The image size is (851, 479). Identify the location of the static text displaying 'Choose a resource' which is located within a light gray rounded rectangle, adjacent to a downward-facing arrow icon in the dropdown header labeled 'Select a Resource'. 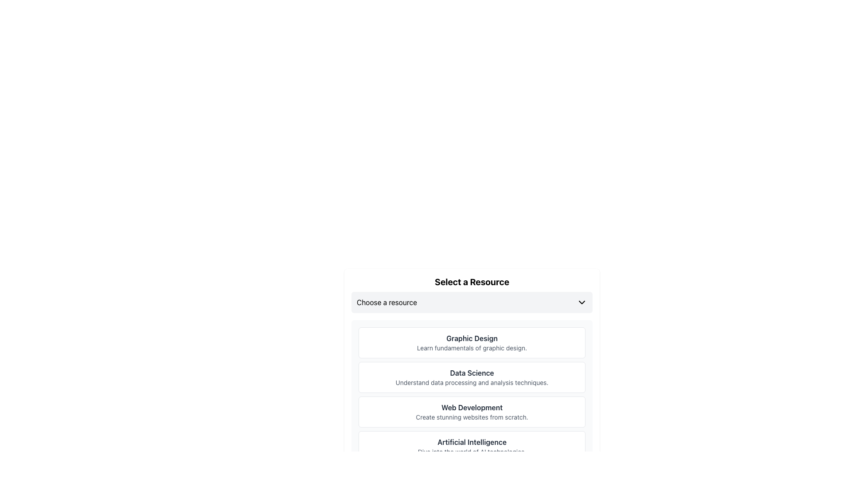
(387, 302).